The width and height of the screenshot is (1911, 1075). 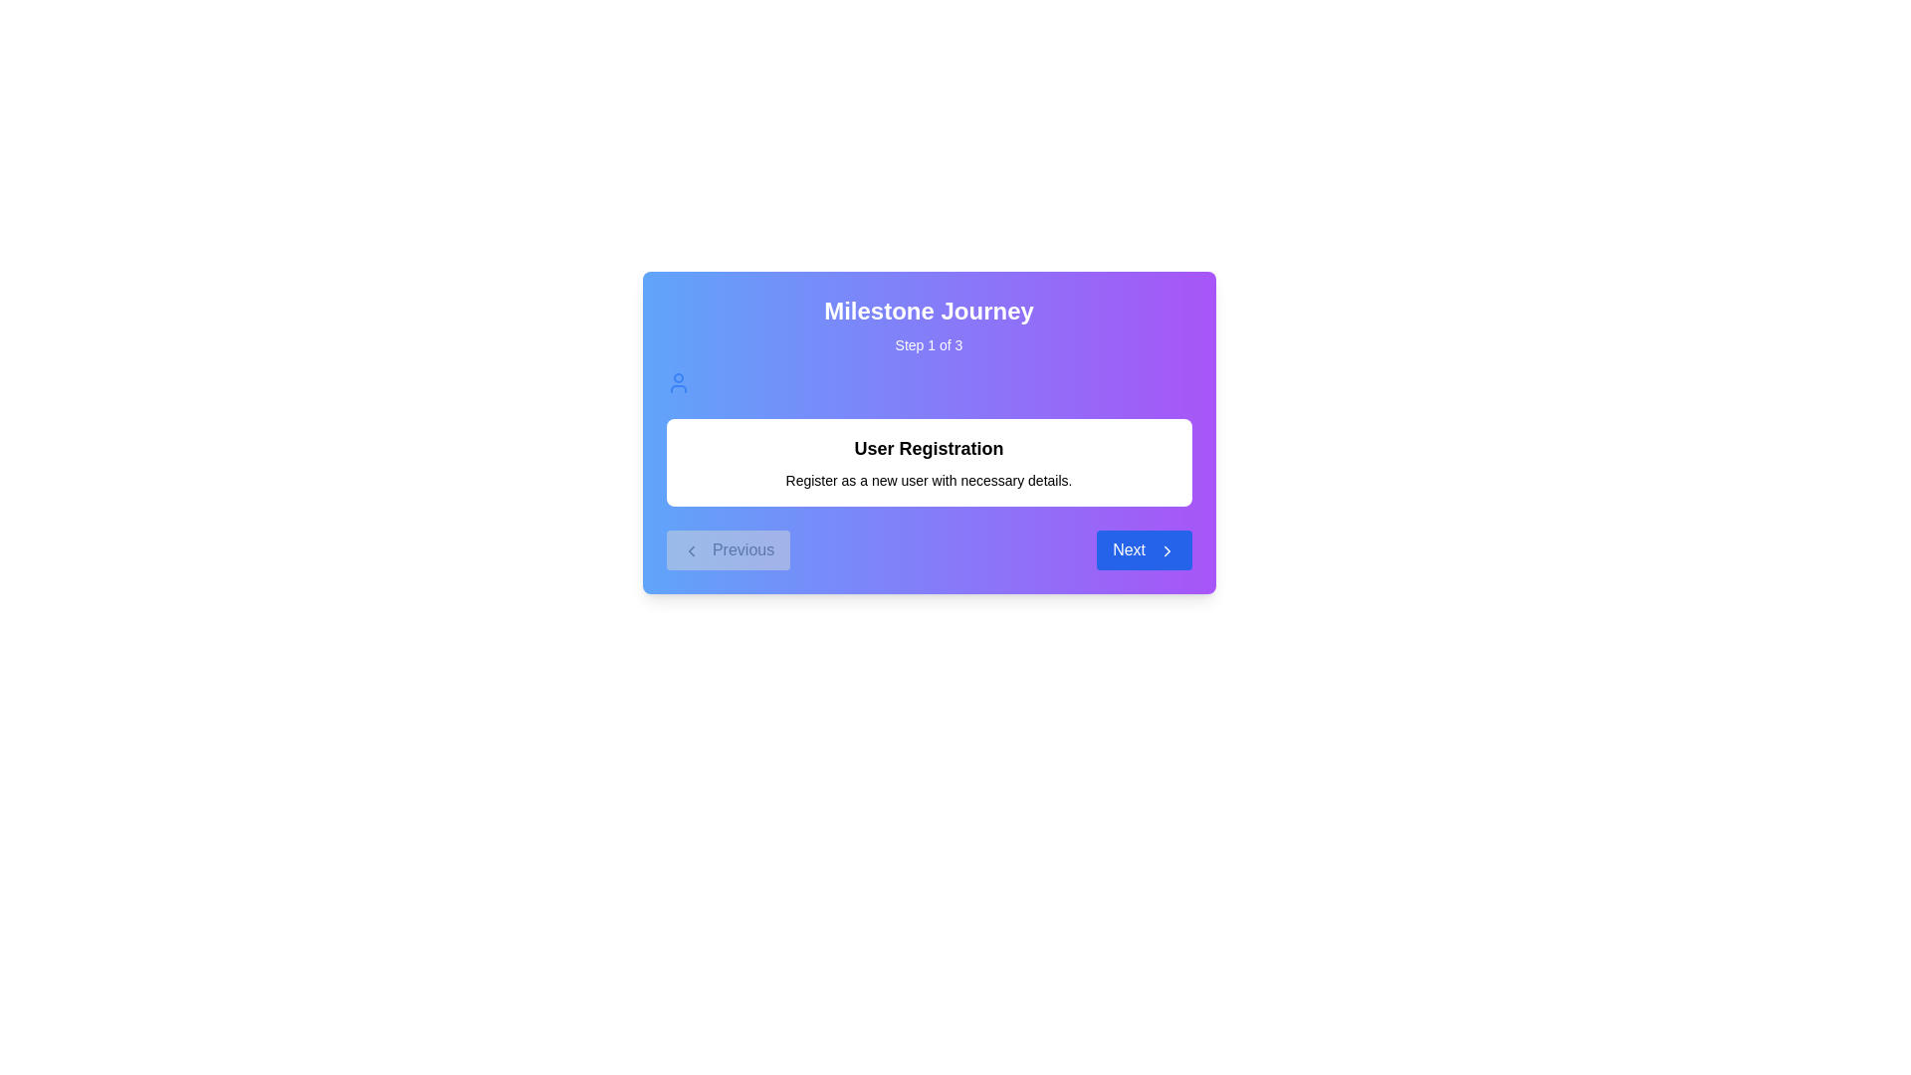 What do you see at coordinates (928, 344) in the screenshot?
I see `the informational static text indicating the user is on the first of three steps in the process, located under the 'Milestone Journey' headline` at bounding box center [928, 344].